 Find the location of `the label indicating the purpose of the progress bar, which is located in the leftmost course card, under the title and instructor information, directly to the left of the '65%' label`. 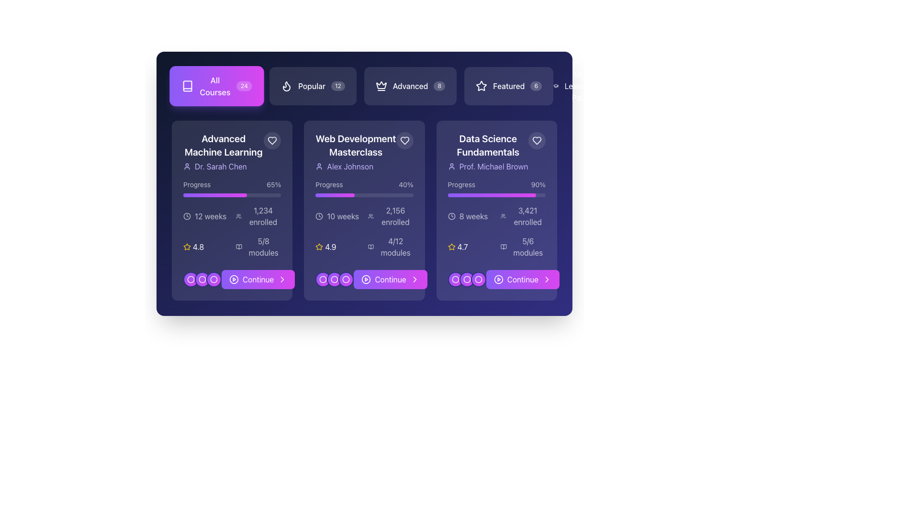

the label indicating the purpose of the progress bar, which is located in the leftmost course card, under the title and instructor information, directly to the left of the '65%' label is located at coordinates (196, 184).